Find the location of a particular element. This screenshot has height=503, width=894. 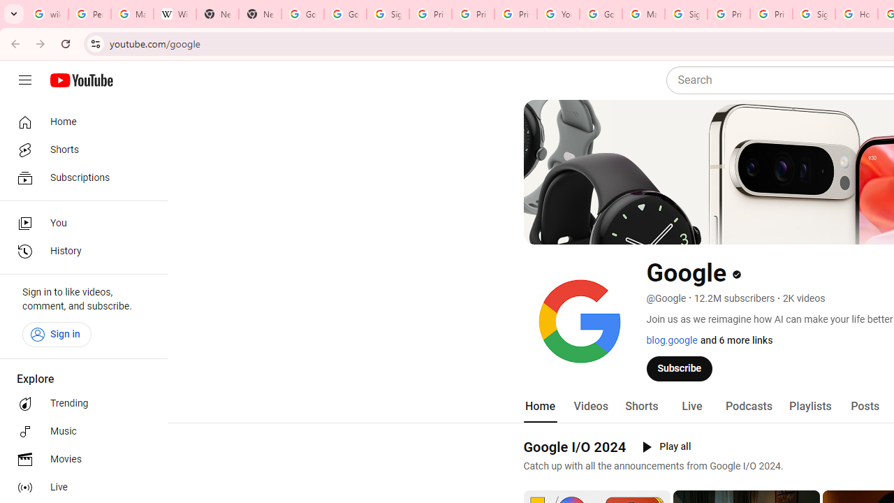

'Trending' is located at coordinates (78, 404).